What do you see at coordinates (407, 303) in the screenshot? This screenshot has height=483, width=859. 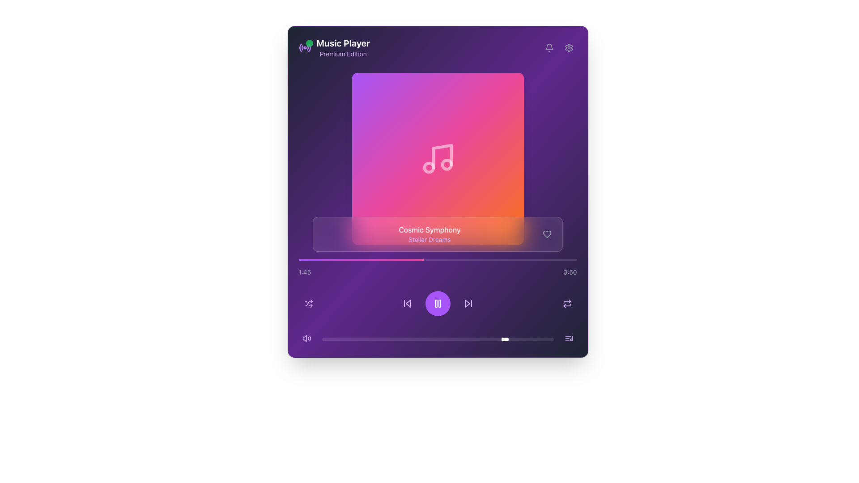 I see `the previous track button located within the media control section of the music player interface for keyboard interaction` at bounding box center [407, 303].